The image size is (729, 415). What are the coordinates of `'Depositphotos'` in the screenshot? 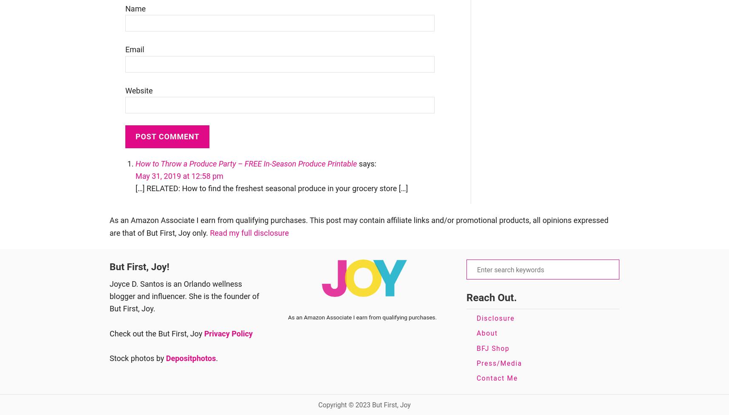 It's located at (190, 358).